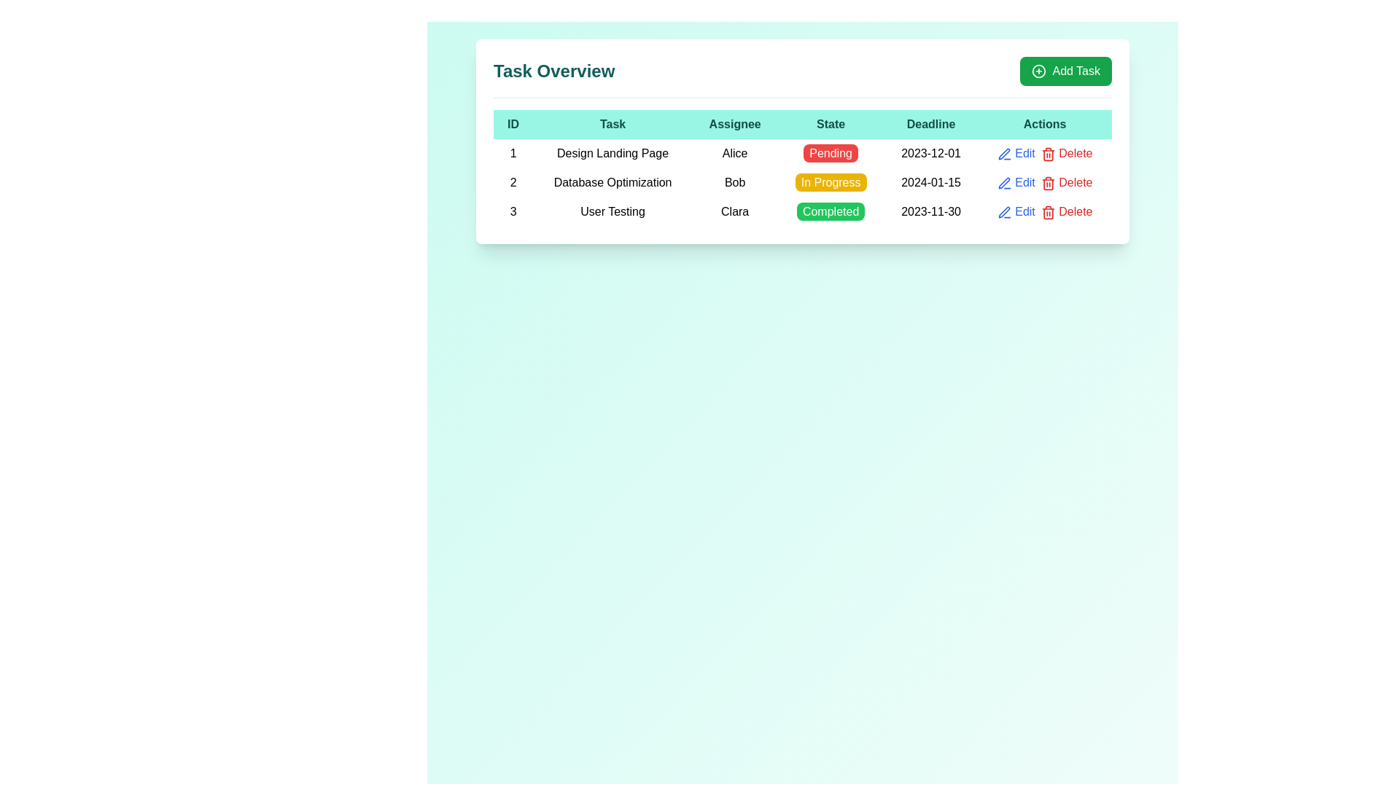  I want to click on the text label displaying the date '2024-01-15' located in the 'Deadline' column of the second row in the table, so click(930, 181).